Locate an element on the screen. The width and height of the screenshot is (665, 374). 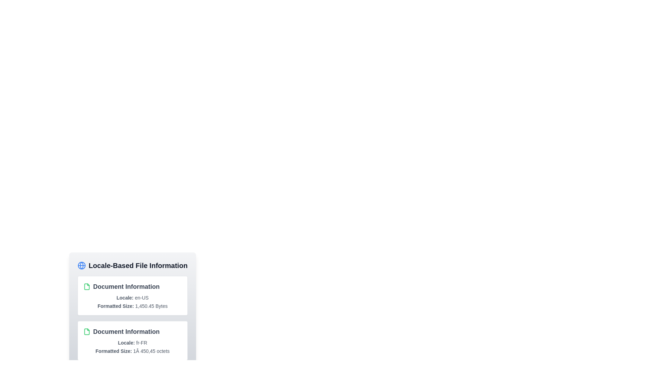
the small SVG icon resembling a file, which has a green fill color and is positioned to the left of the text 'Document Information' in the first item of the vertical list under 'Locale-Based File Information' is located at coordinates (86, 287).